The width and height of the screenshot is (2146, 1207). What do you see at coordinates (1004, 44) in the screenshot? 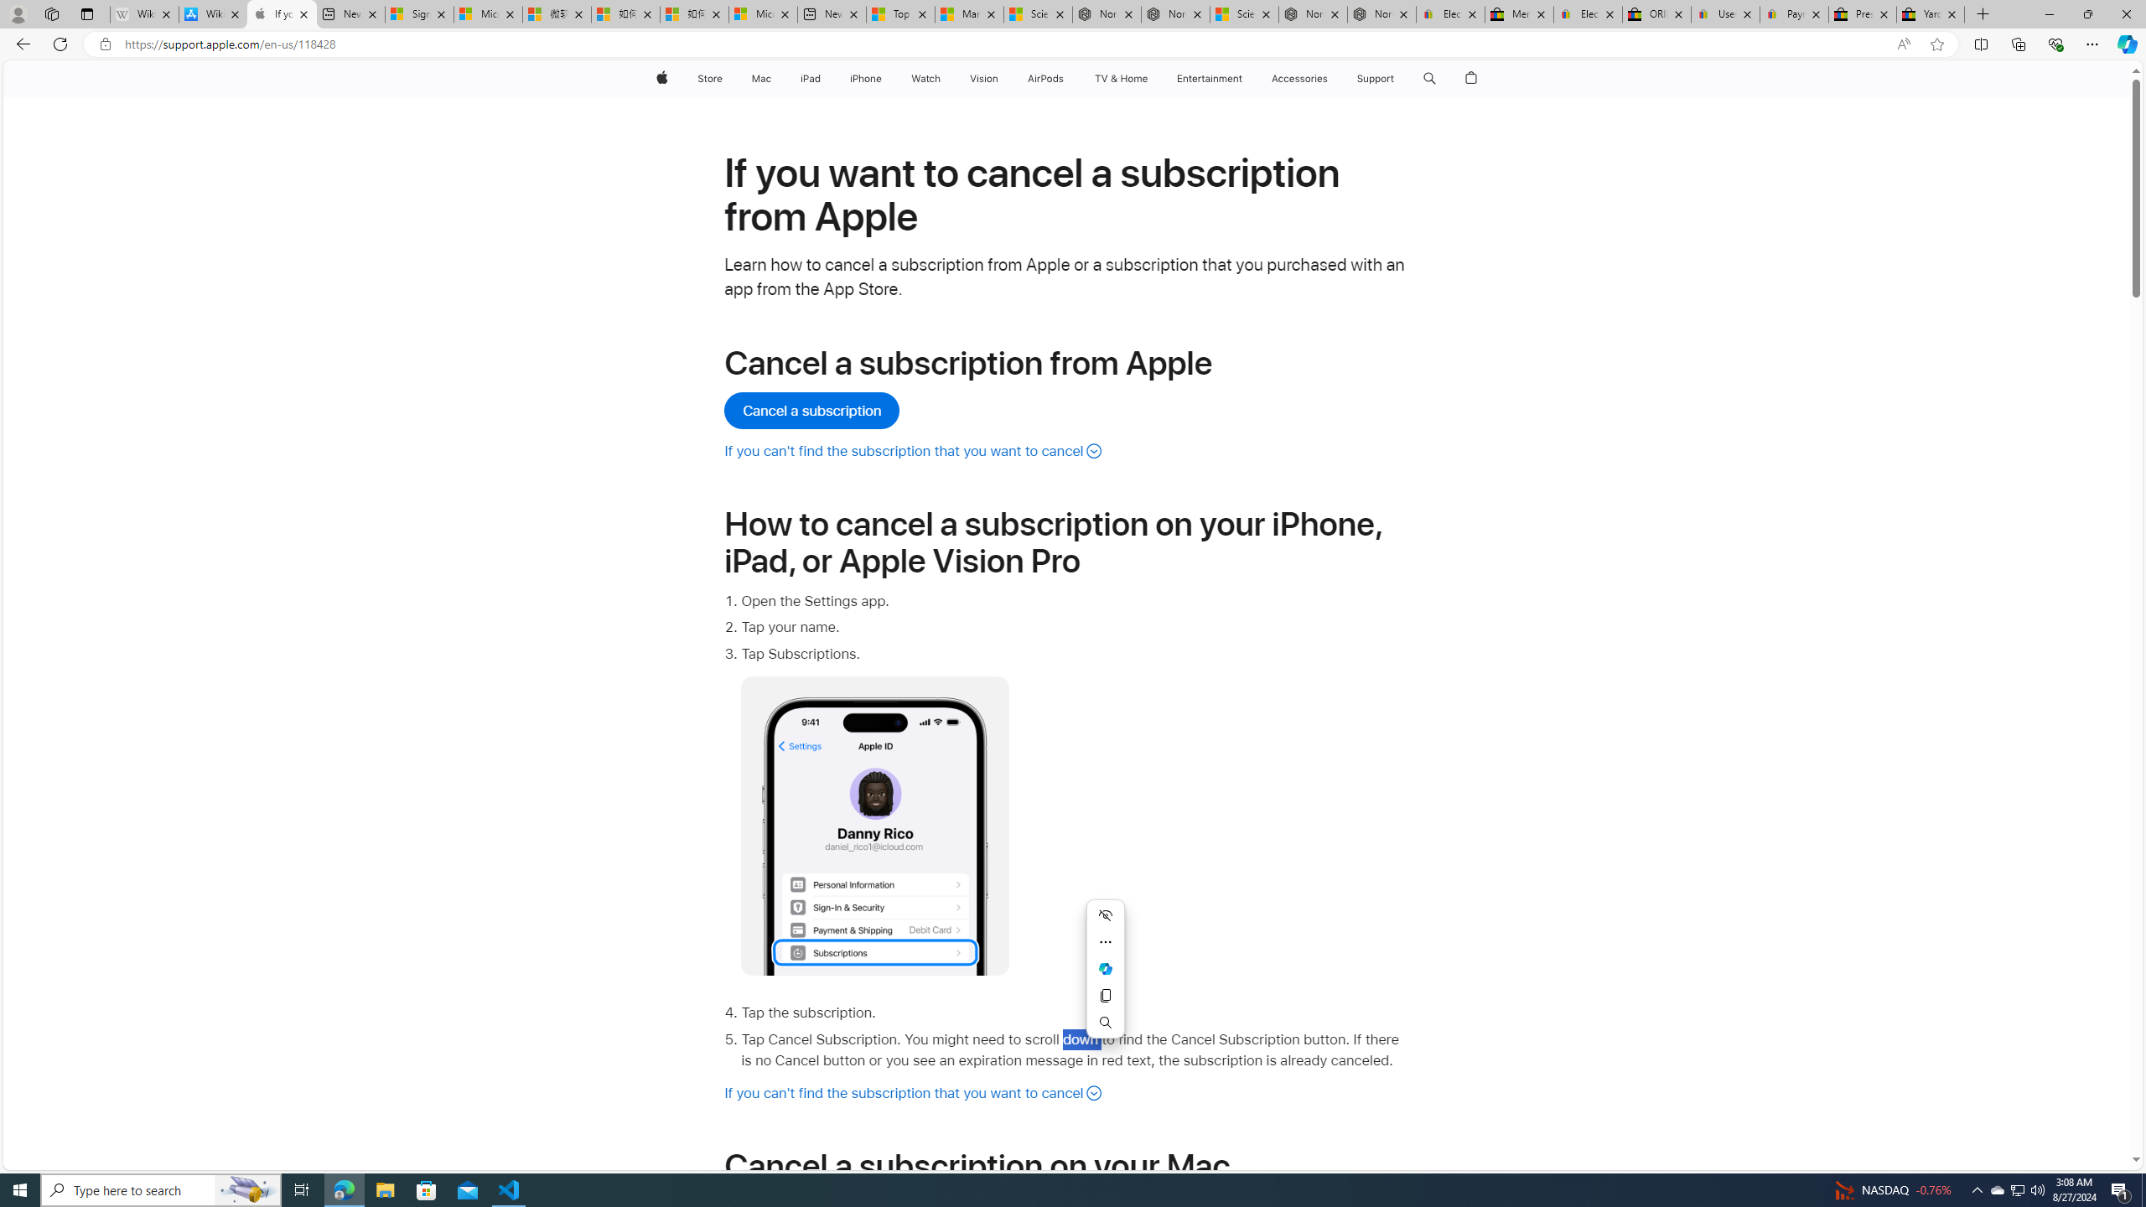
I see `'Address and search bar'` at bounding box center [1004, 44].